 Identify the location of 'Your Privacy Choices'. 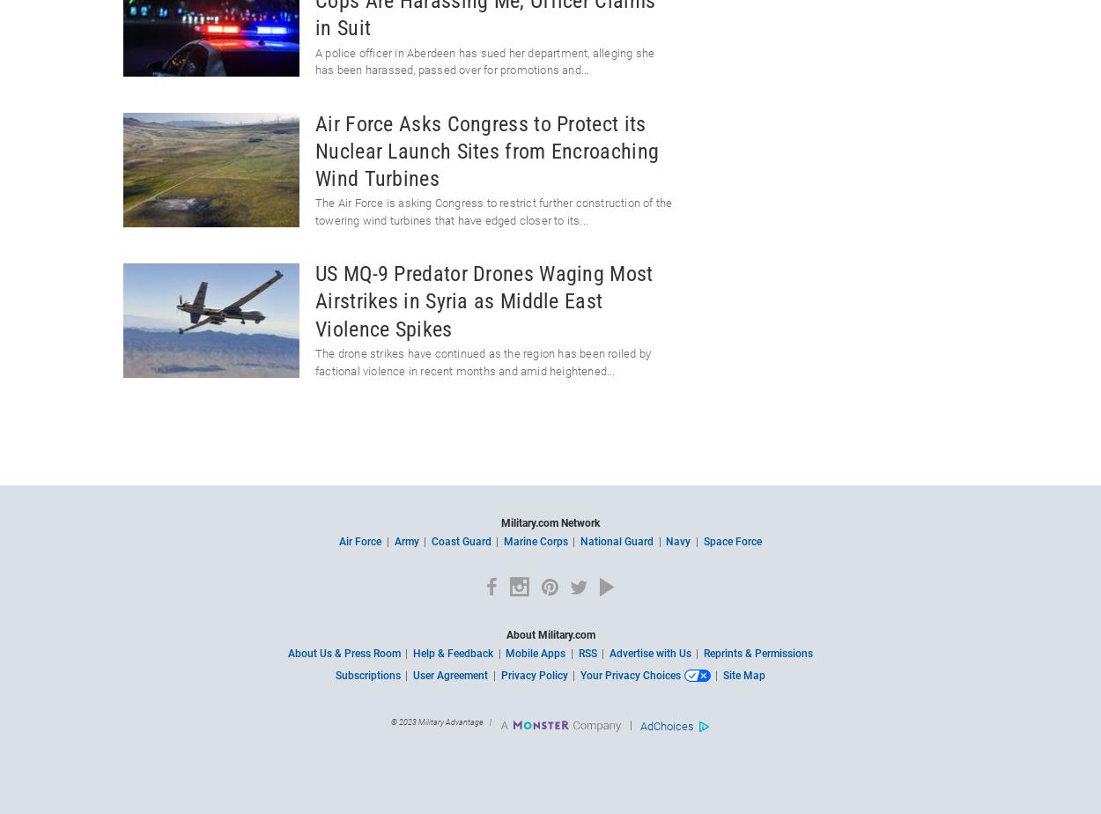
(628, 676).